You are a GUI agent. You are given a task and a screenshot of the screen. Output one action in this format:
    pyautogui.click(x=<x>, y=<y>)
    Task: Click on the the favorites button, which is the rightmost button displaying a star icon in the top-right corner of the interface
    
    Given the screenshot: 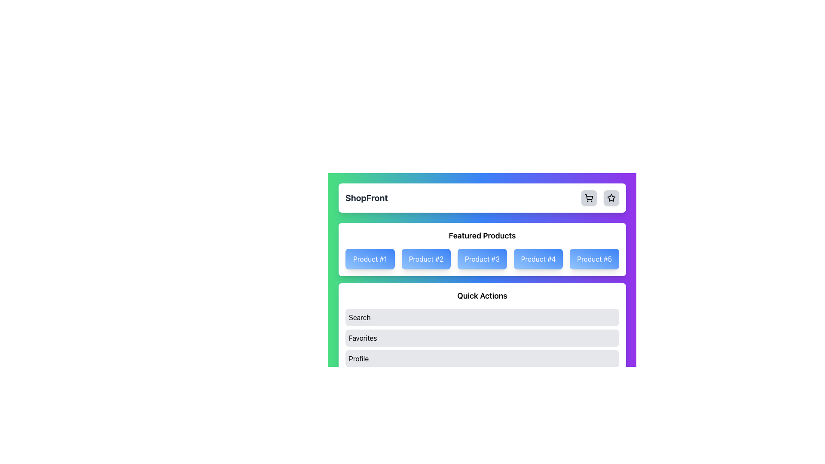 What is the action you would take?
    pyautogui.click(x=611, y=198)
    